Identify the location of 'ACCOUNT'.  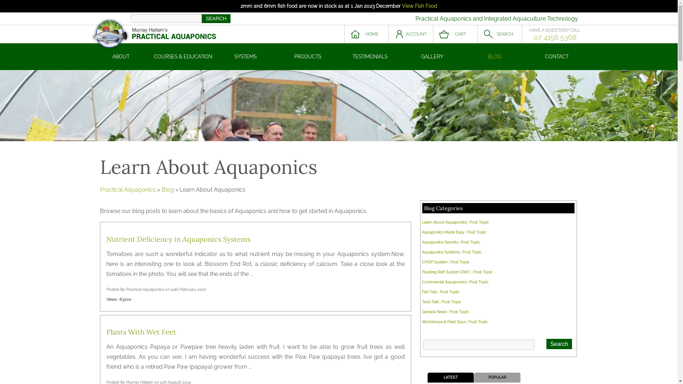
(411, 34).